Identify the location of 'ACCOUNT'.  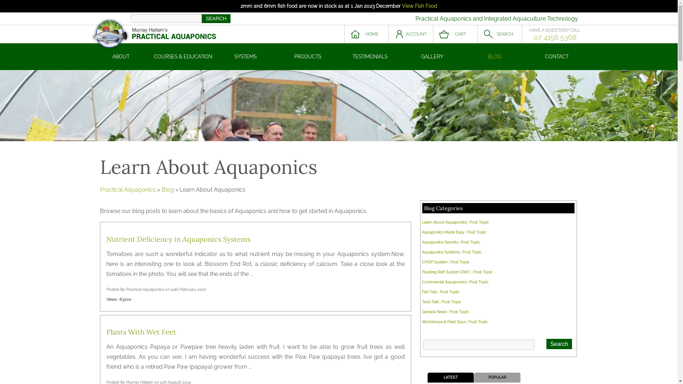
(411, 34).